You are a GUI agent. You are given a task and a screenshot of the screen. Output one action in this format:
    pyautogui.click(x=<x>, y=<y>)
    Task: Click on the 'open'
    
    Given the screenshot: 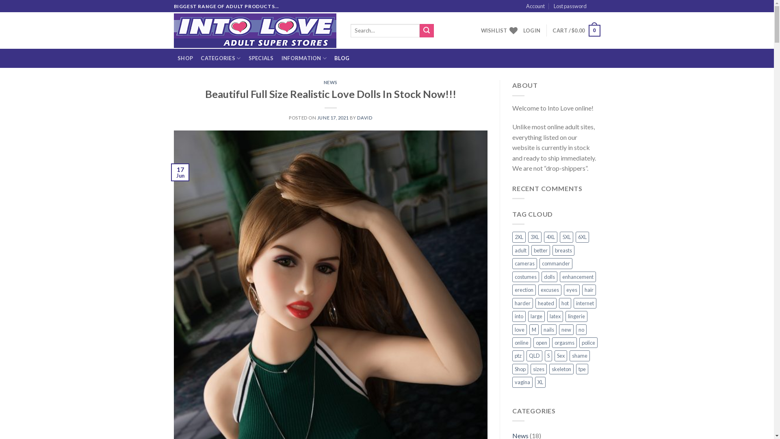 What is the action you would take?
    pyautogui.click(x=533, y=343)
    